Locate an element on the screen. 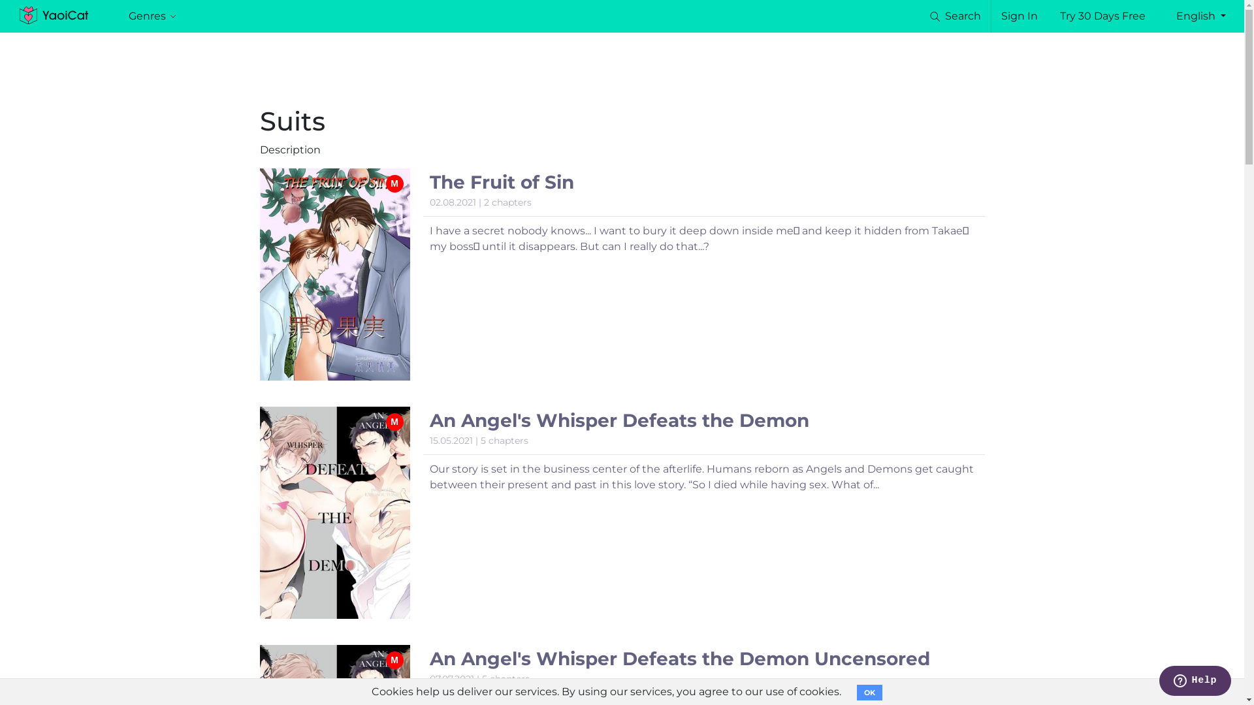 Image resolution: width=1254 pixels, height=705 pixels. 'OK' is located at coordinates (869, 691).